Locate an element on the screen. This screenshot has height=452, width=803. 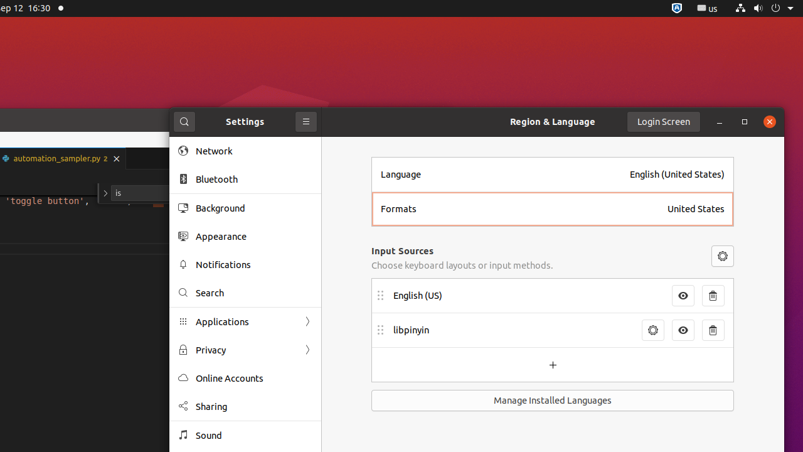
'Applications' is located at coordinates (245, 321).